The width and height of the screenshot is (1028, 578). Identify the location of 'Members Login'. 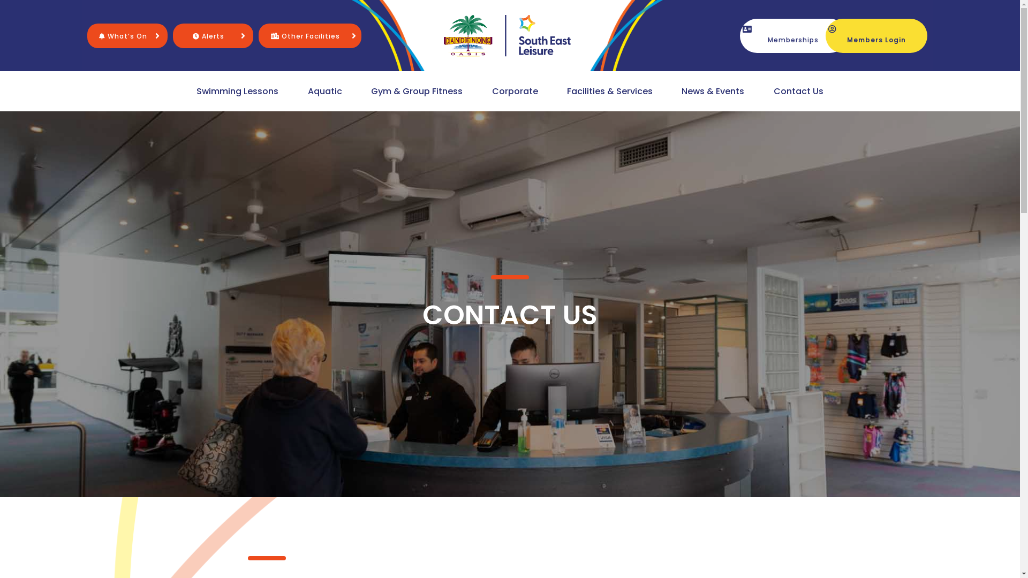
(876, 34).